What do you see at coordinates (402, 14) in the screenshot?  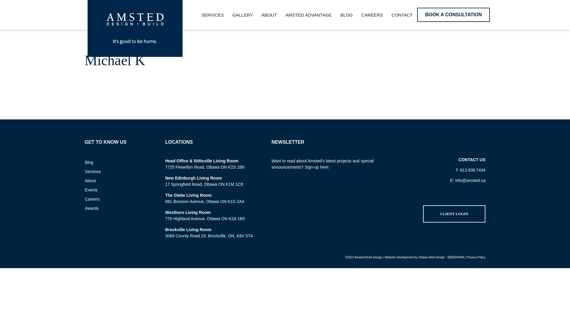 I see `'CONTACT'` at bounding box center [402, 14].